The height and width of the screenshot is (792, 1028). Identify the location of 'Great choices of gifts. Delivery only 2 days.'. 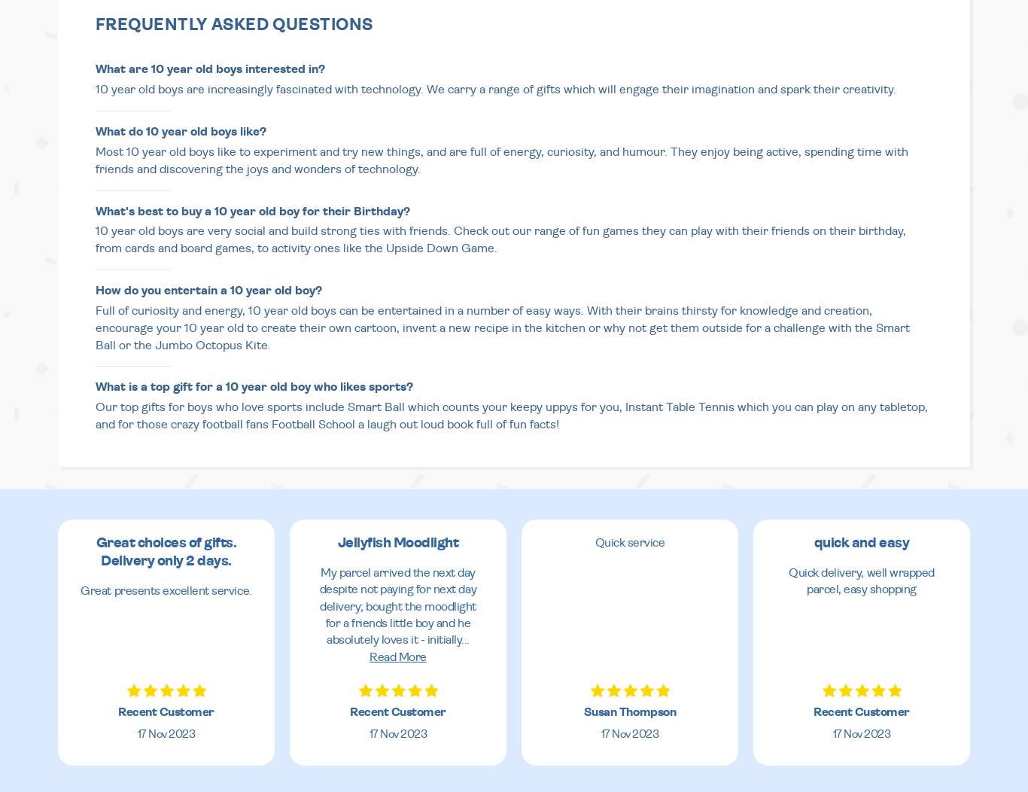
(95, 552).